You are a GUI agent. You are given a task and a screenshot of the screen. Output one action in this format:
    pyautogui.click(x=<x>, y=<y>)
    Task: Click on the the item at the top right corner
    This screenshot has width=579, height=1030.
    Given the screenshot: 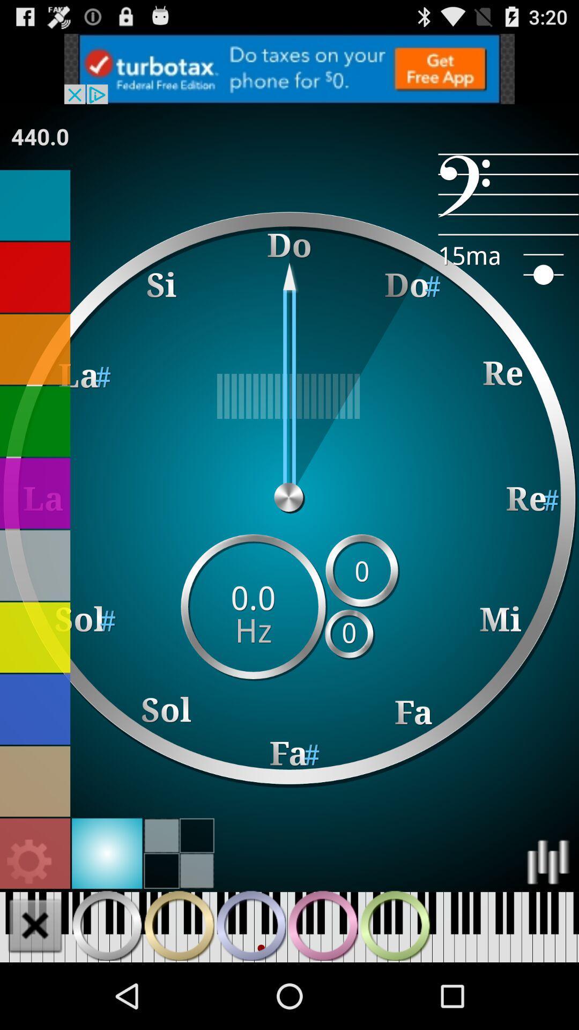 What is the action you would take?
    pyautogui.click(x=508, y=194)
    